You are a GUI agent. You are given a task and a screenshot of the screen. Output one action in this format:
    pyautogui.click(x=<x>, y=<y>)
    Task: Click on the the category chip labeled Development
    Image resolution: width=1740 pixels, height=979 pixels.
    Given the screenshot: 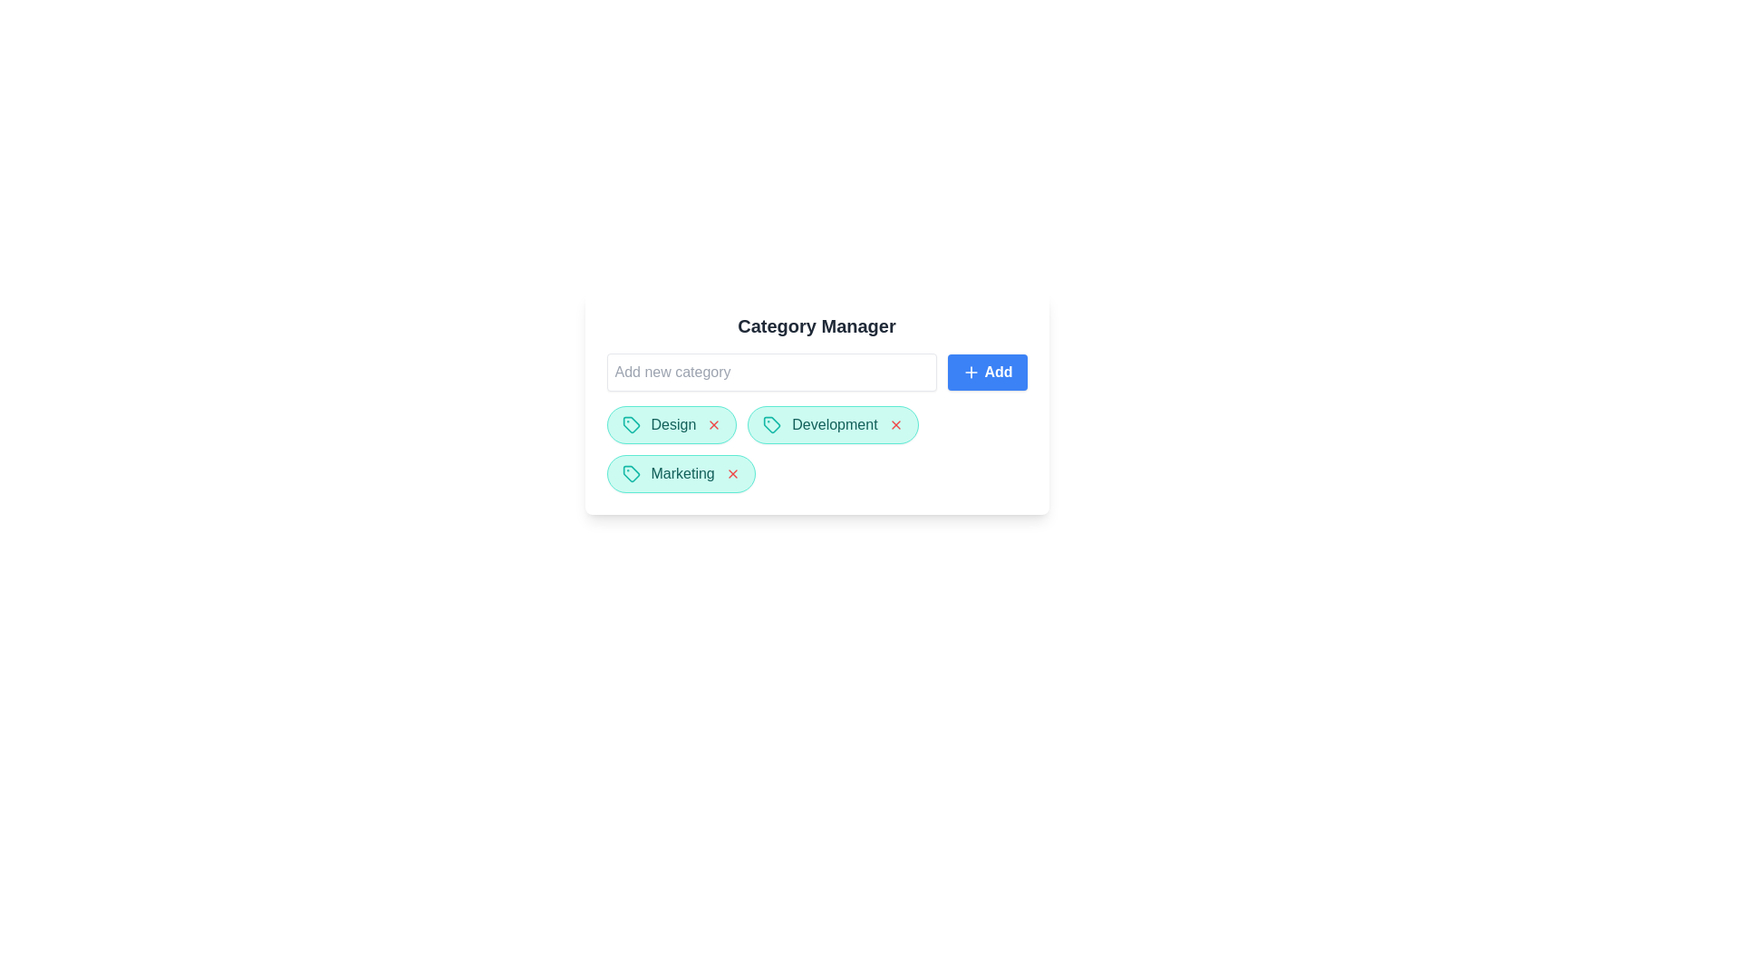 What is the action you would take?
    pyautogui.click(x=832, y=425)
    